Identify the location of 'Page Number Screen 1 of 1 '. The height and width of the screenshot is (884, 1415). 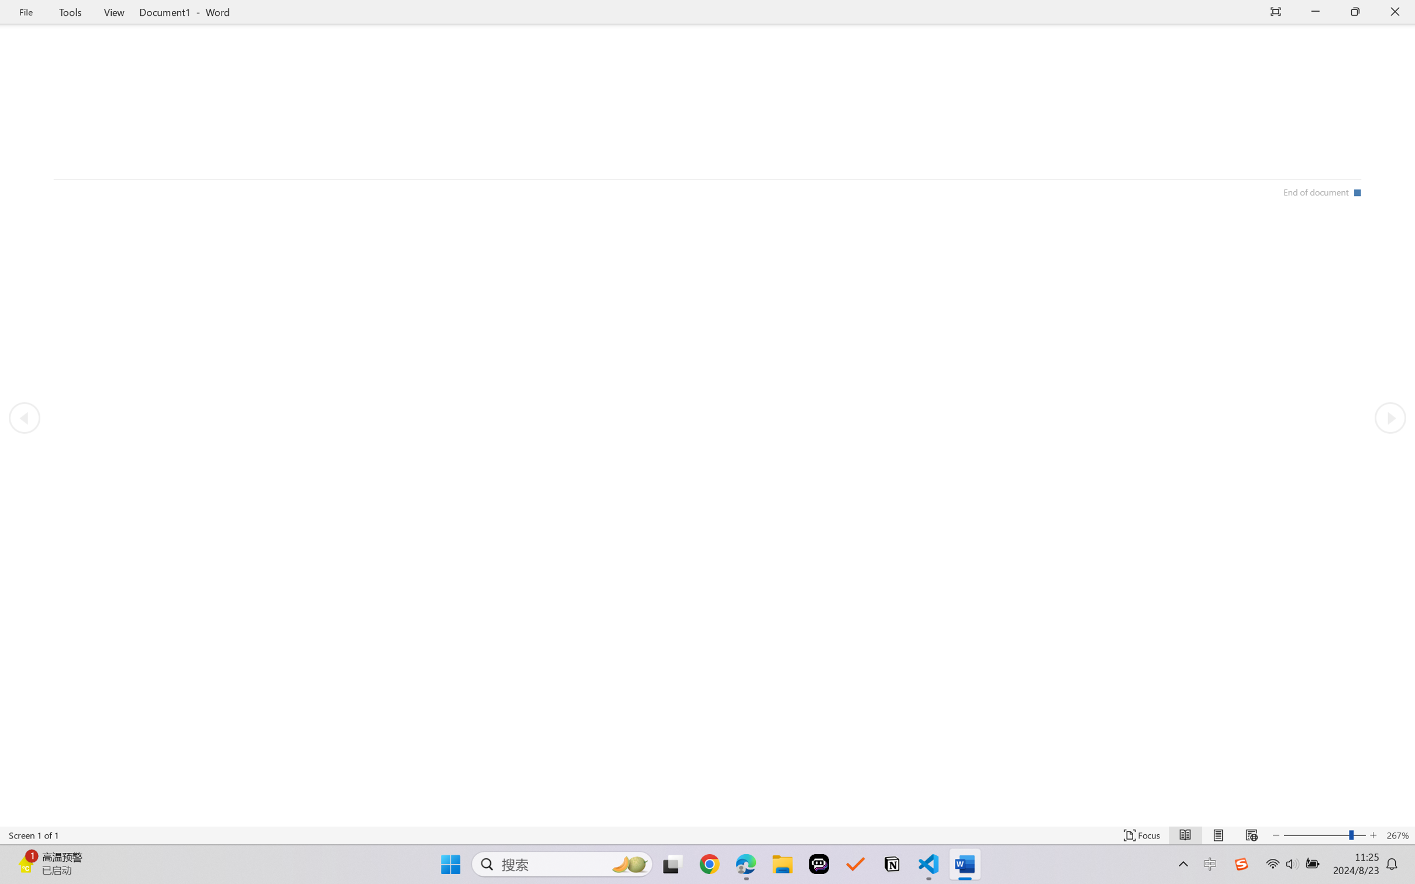
(33, 835).